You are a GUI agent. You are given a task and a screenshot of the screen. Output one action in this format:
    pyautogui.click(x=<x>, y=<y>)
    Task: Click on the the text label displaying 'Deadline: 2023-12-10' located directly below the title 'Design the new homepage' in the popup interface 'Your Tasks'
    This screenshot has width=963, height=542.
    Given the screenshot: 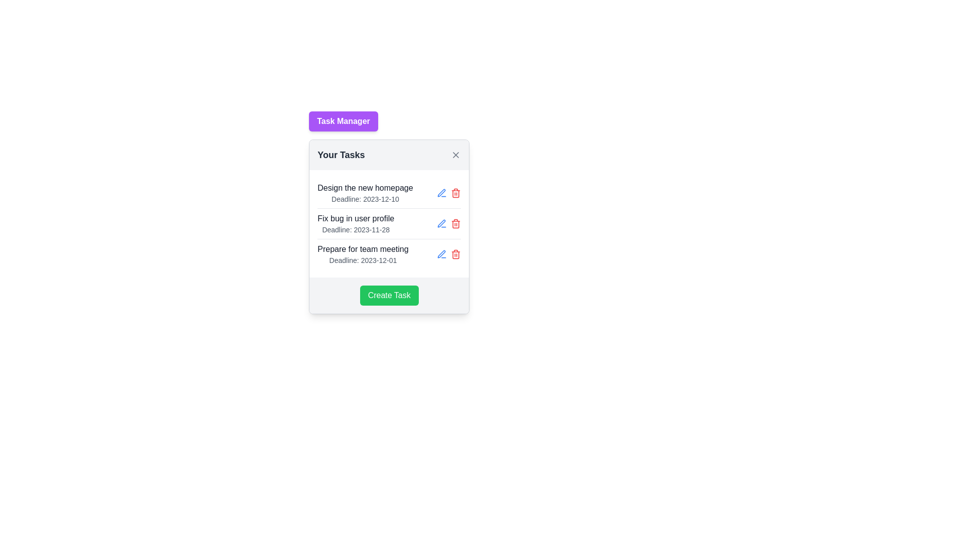 What is the action you would take?
    pyautogui.click(x=365, y=199)
    